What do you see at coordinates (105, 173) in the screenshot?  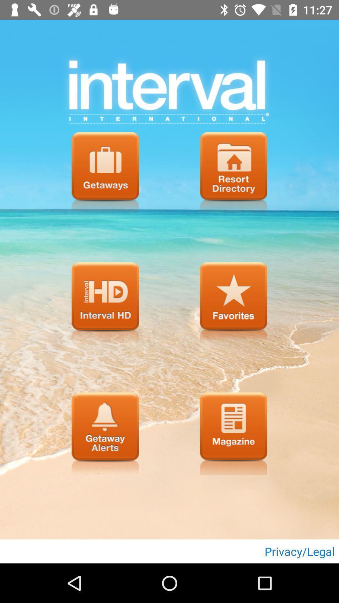 I see `menu page` at bounding box center [105, 173].